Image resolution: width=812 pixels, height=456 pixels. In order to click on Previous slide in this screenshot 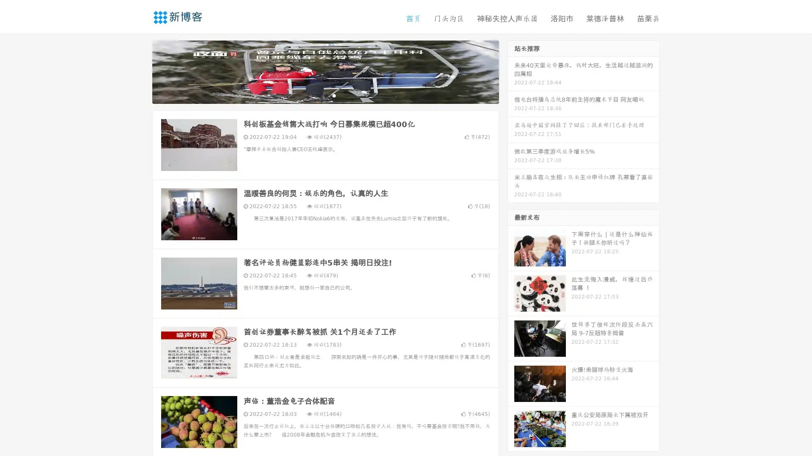, I will do `click(140, 71)`.